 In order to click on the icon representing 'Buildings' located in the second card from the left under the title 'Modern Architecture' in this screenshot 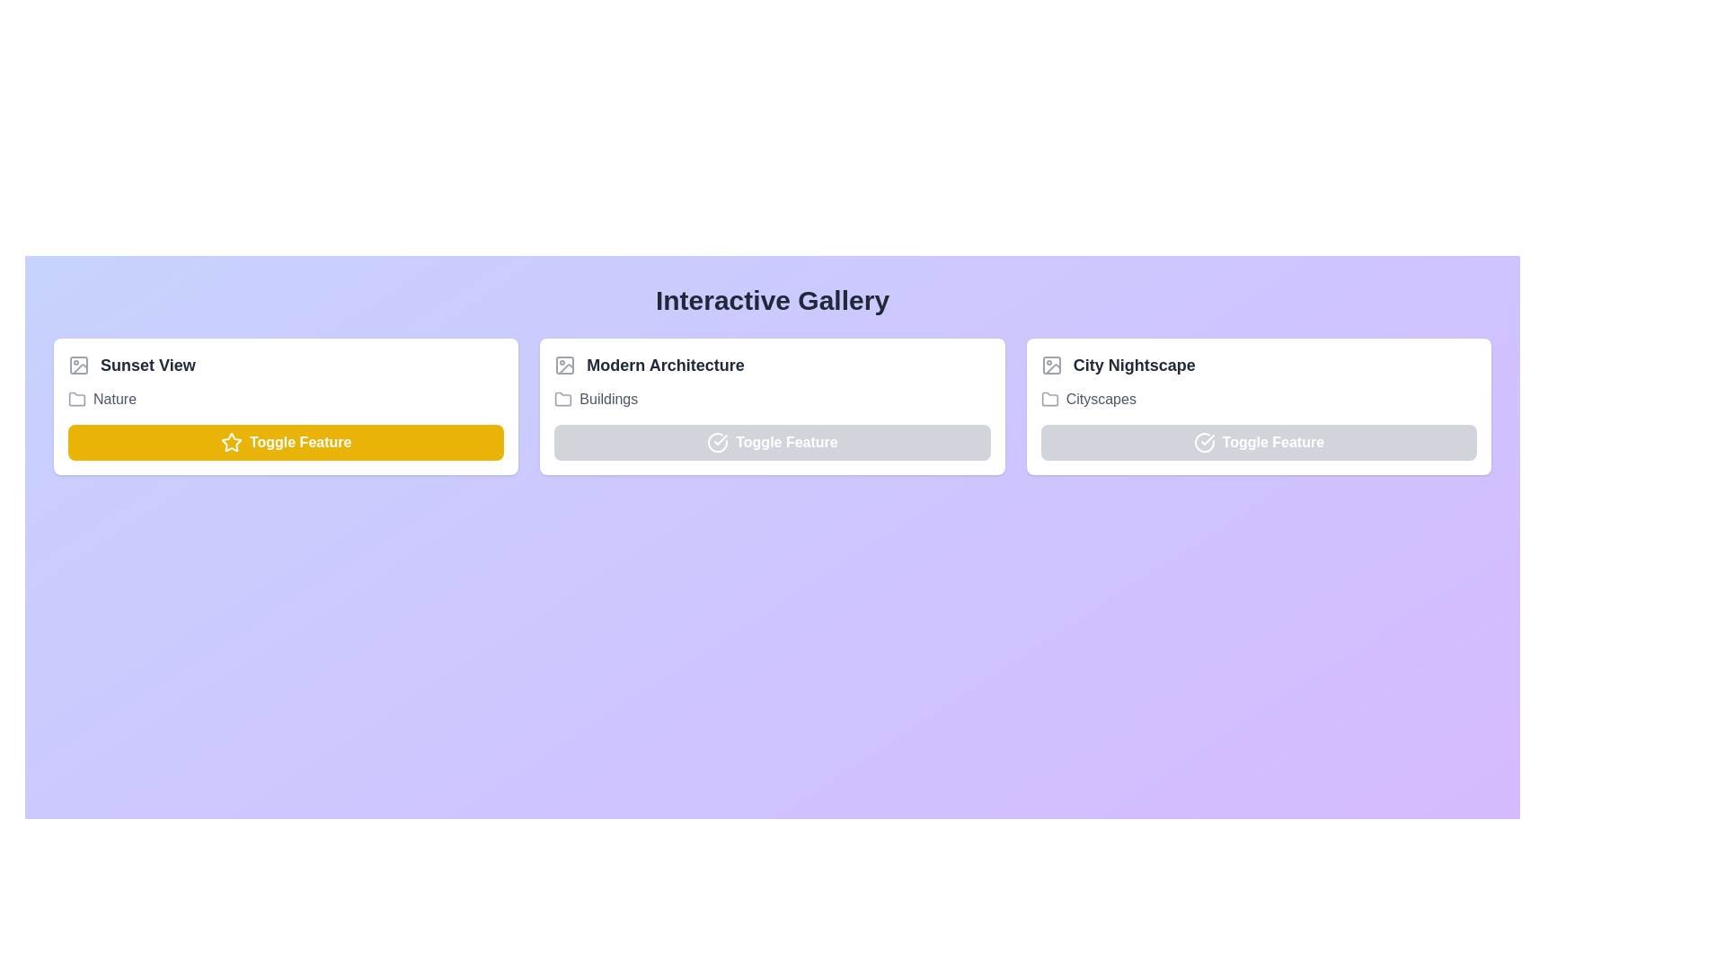, I will do `click(1049, 398)`.